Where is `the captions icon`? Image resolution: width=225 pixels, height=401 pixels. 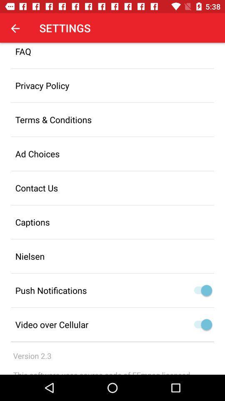
the captions icon is located at coordinates (112, 221).